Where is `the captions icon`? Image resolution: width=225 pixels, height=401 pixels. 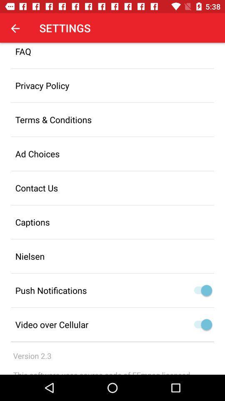
the captions icon is located at coordinates (112, 221).